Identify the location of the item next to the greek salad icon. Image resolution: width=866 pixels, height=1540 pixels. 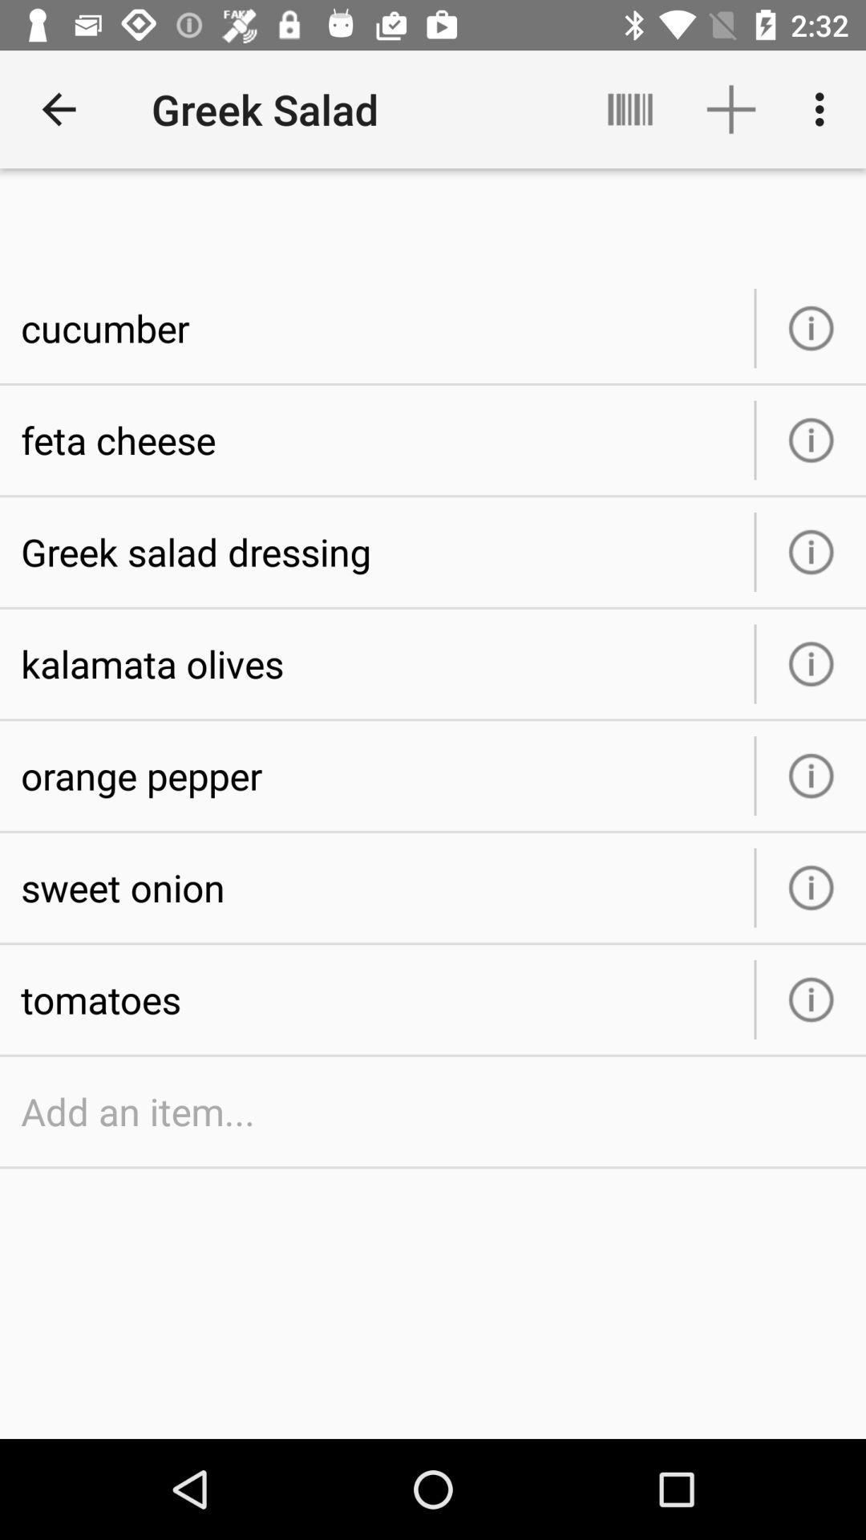
(629, 108).